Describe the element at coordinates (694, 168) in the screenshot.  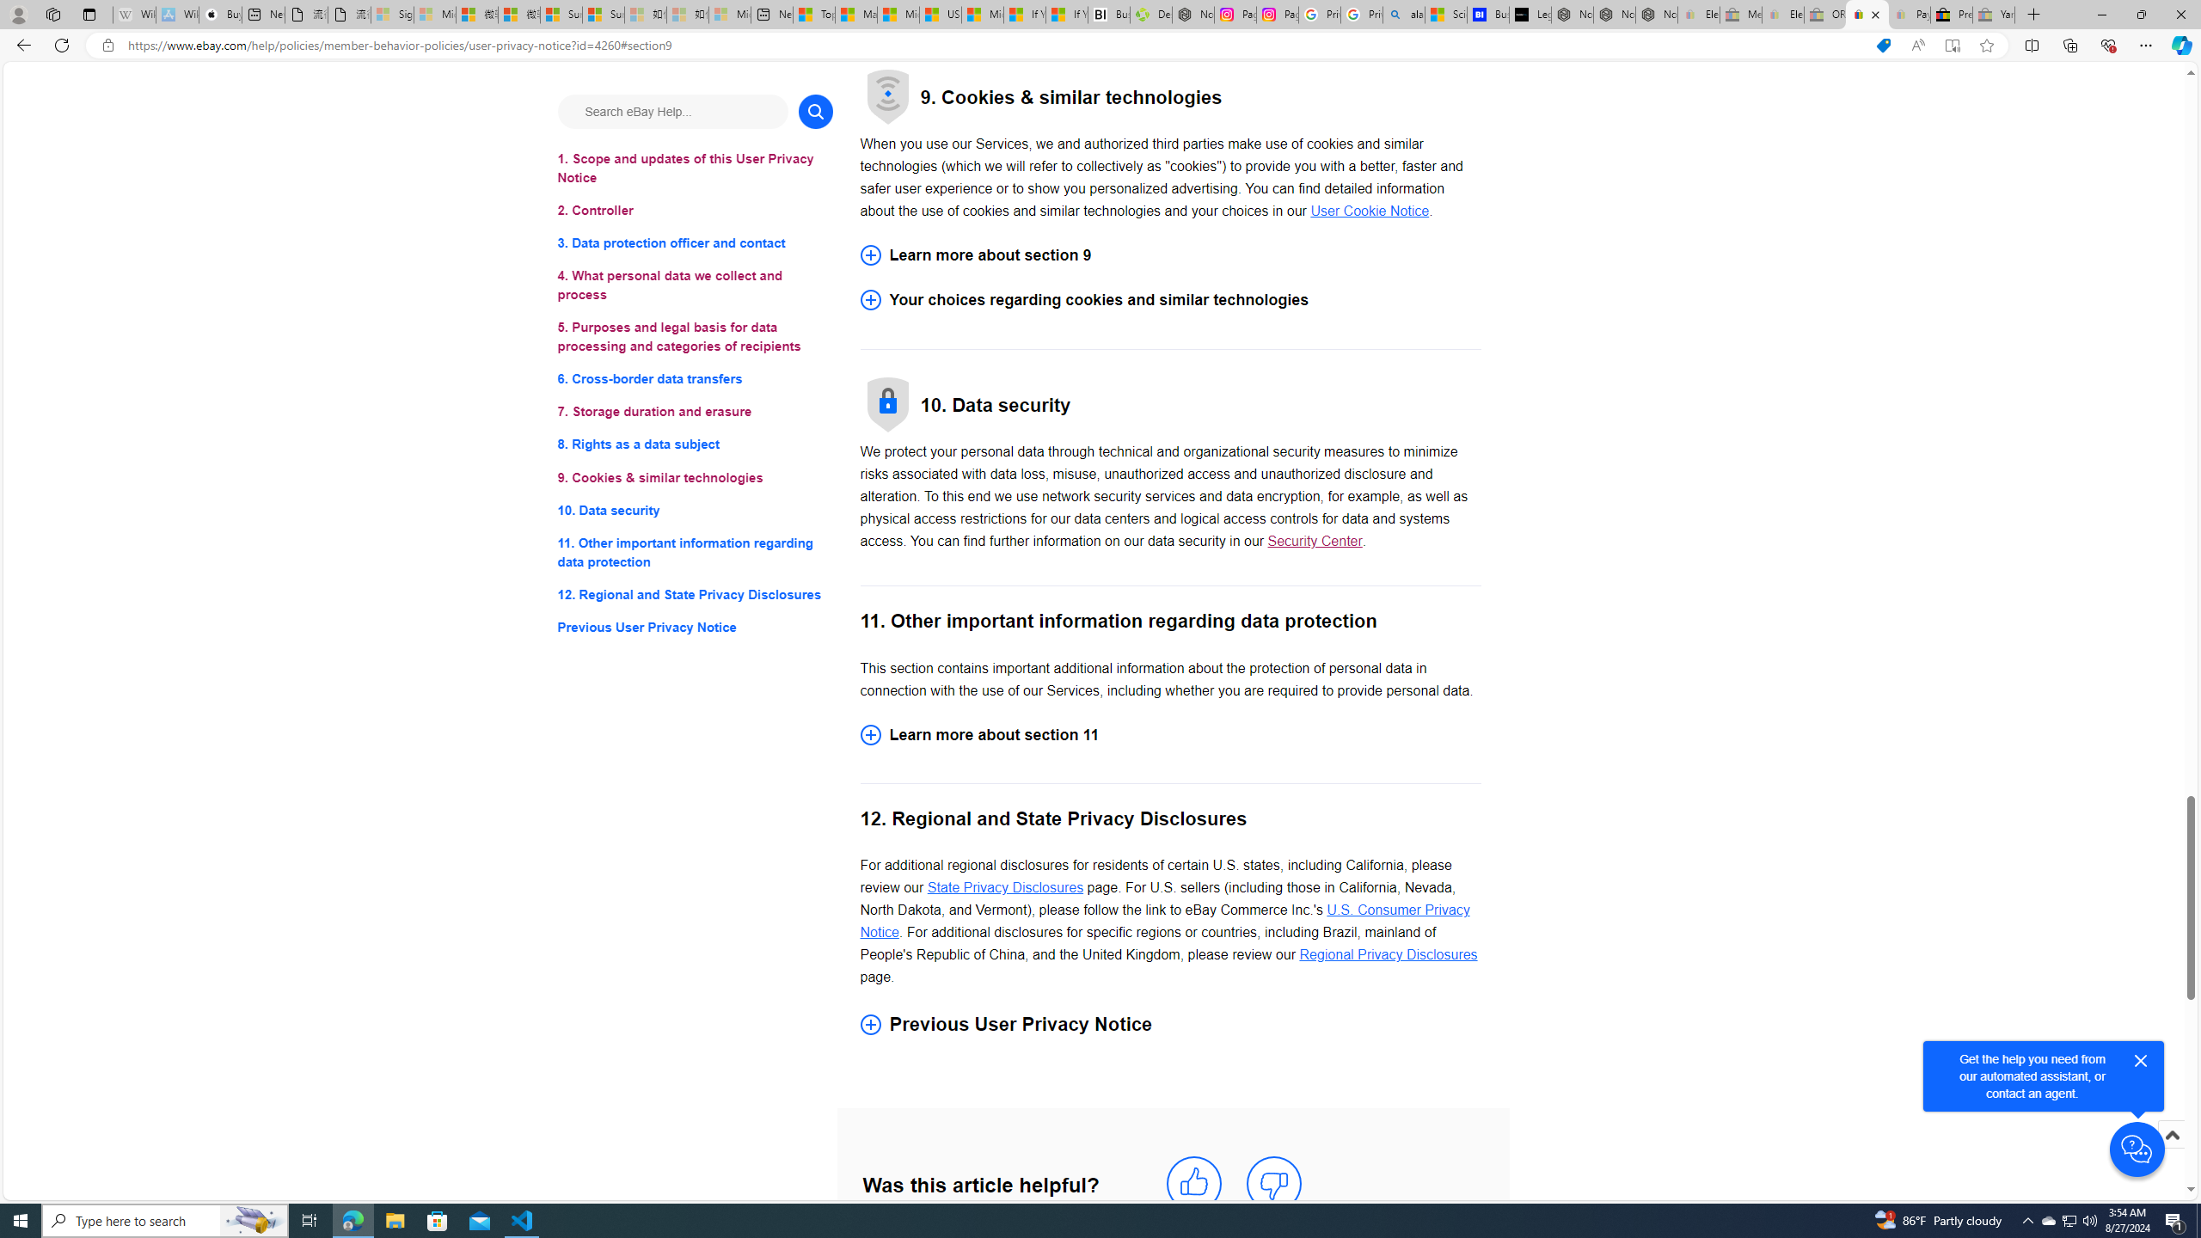
I see `'1. Scope and updates of this User Privacy Notice'` at that location.